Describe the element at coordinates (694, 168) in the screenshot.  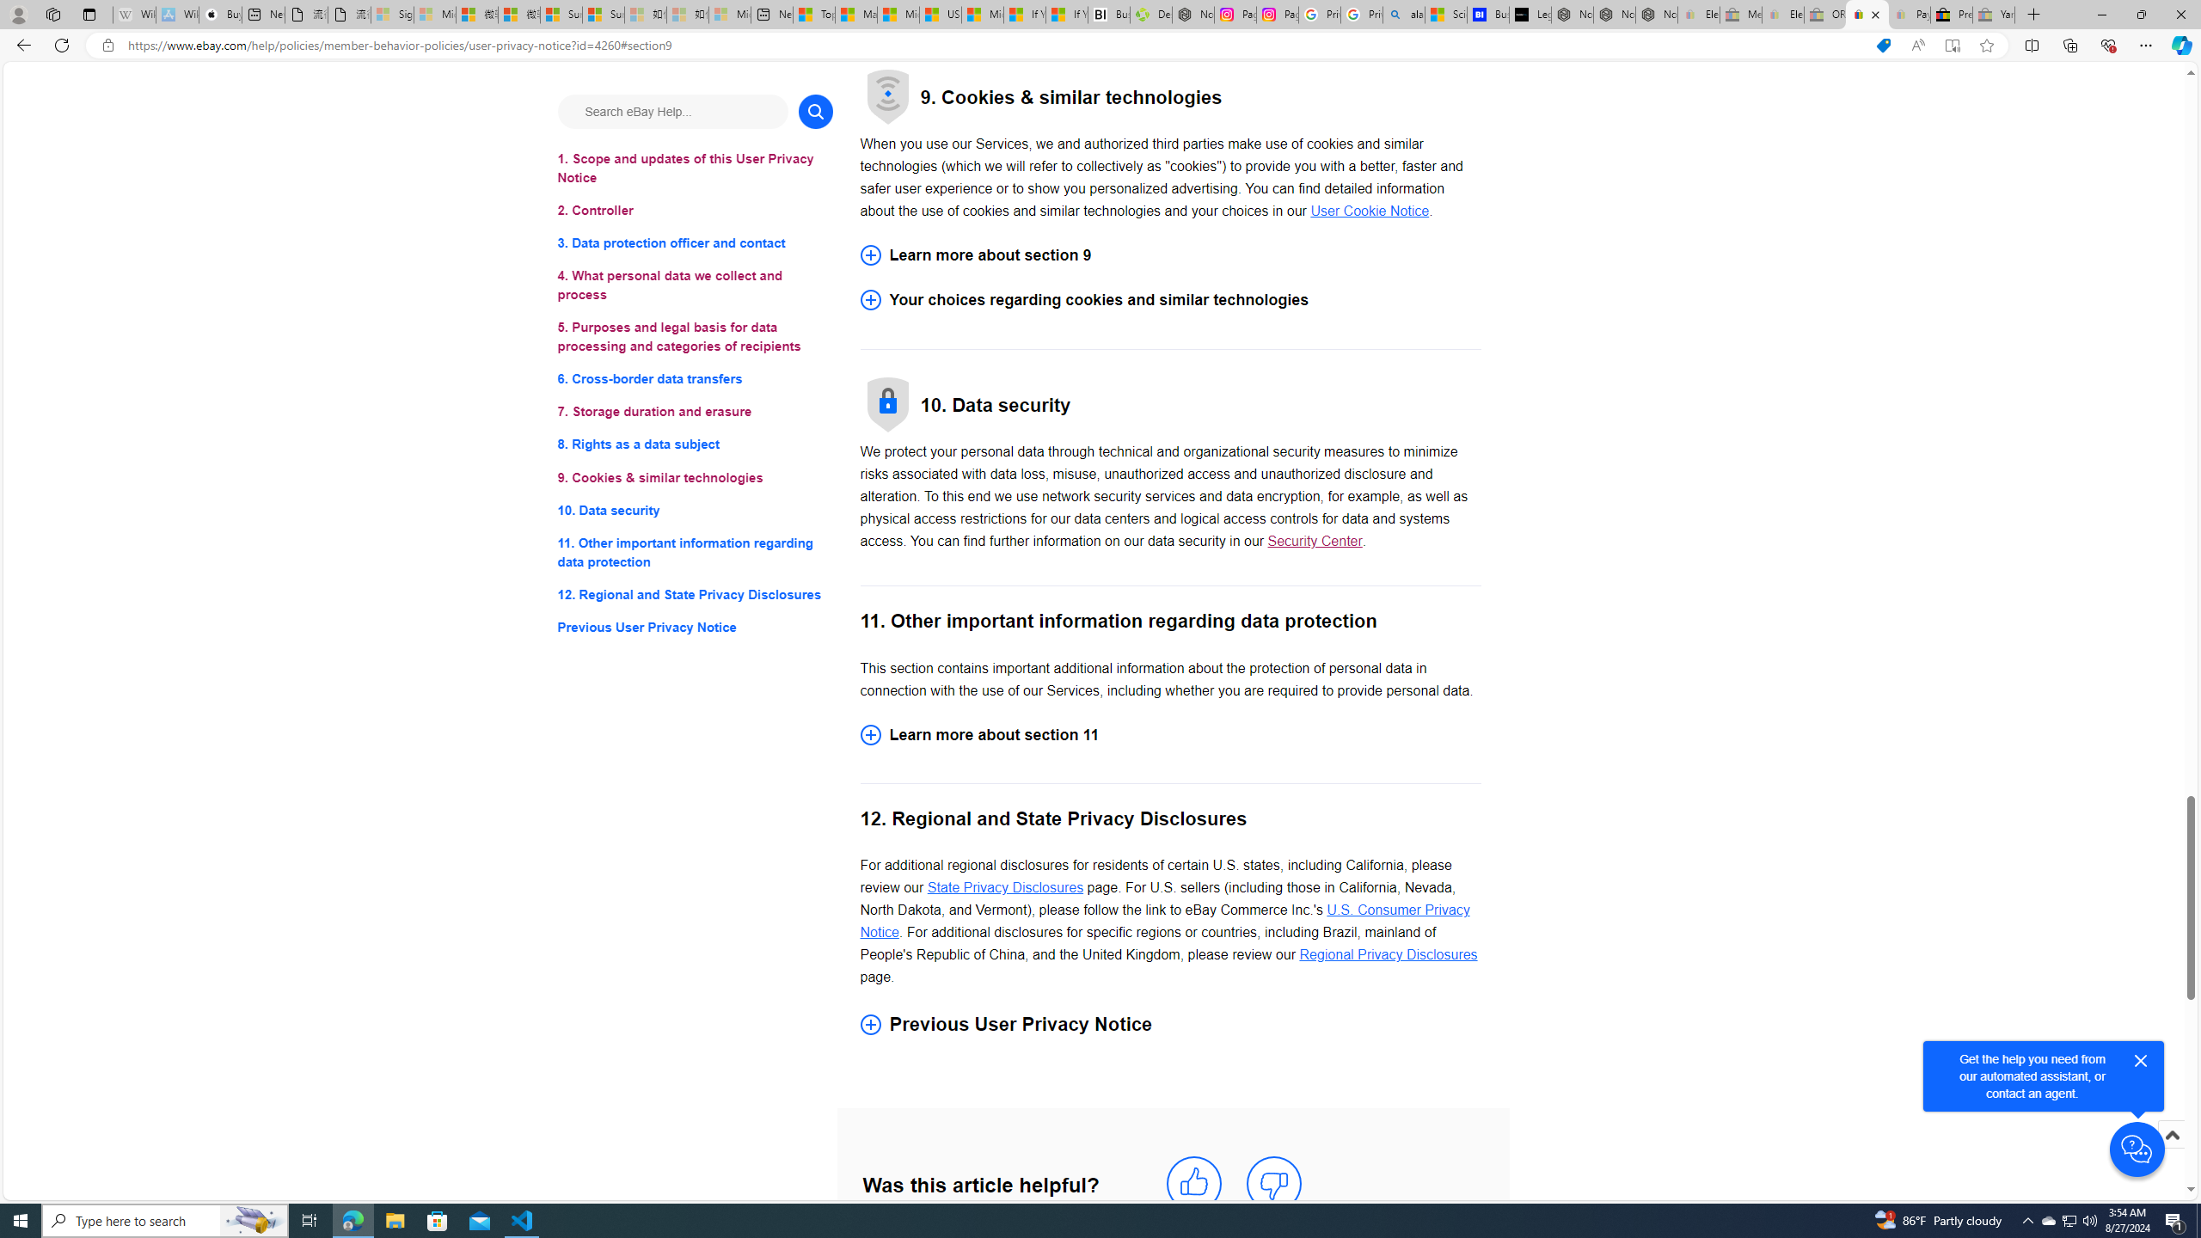
I see `'1. Scope and updates of this User Privacy Notice'` at that location.